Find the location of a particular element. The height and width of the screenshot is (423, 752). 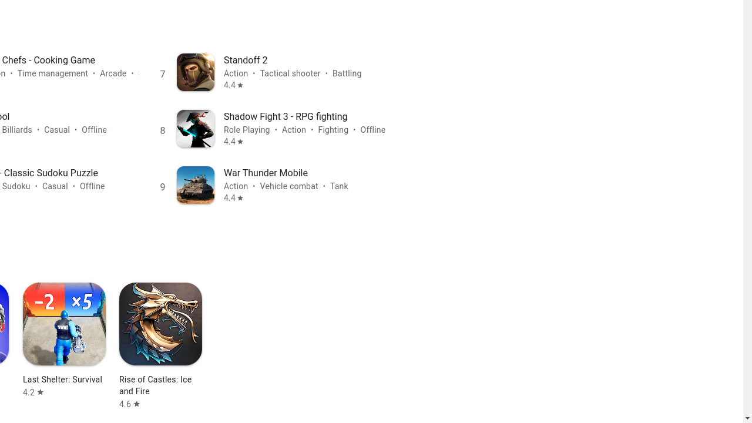

'Rank 9 War Thunder Mobile Action • Vehicle combat • Tank Rated 4.4 stars out of five stars' is located at coordinates (274, 184).